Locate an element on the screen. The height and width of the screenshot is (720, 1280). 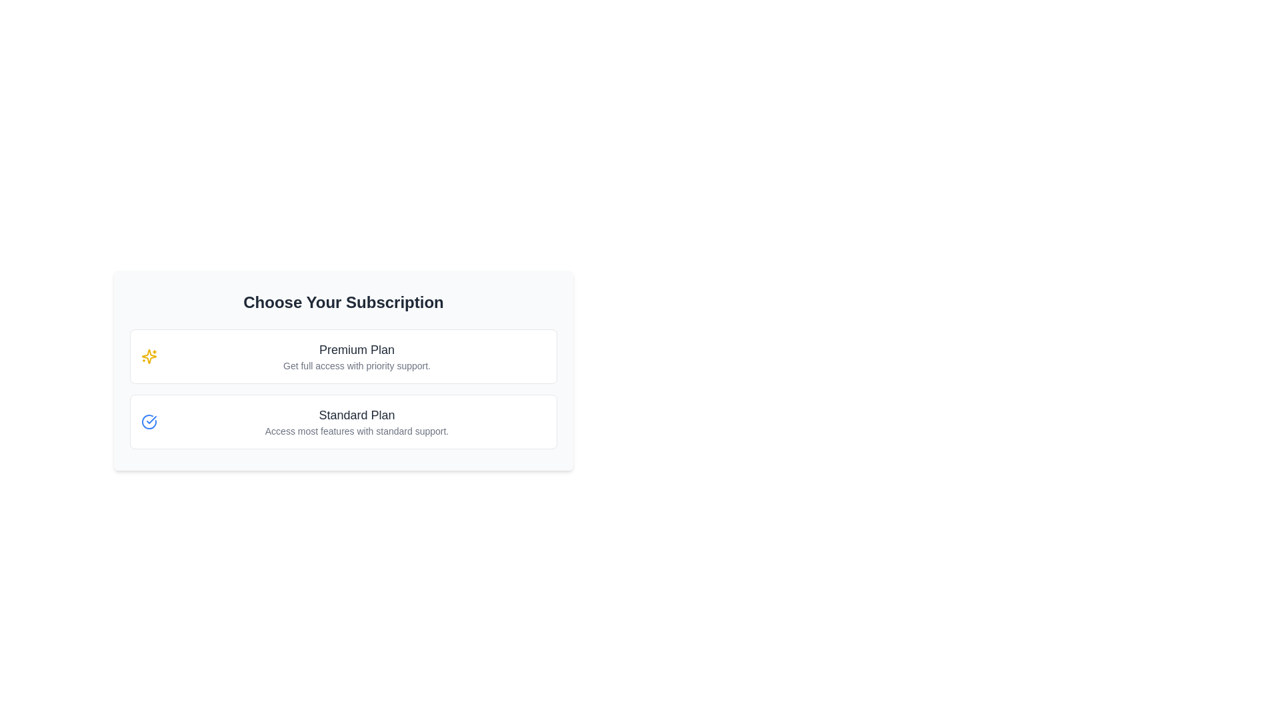
text label displaying 'Premium Plan' located at the top of the subscription choice card titled 'Choose Your Subscription', which is bold, dark gray, and positioned next to an icon is located at coordinates (357, 349).